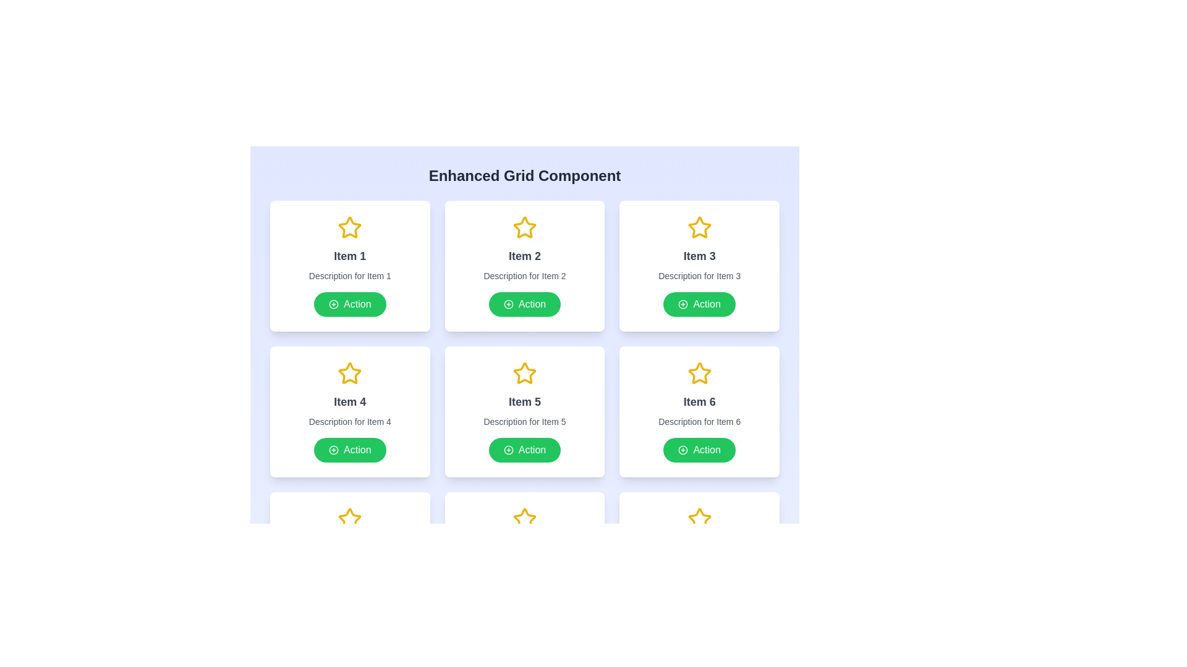 The height and width of the screenshot is (667, 1187). I want to click on the button located at the bottom of the card labeled 'Item 1', so click(349, 304).